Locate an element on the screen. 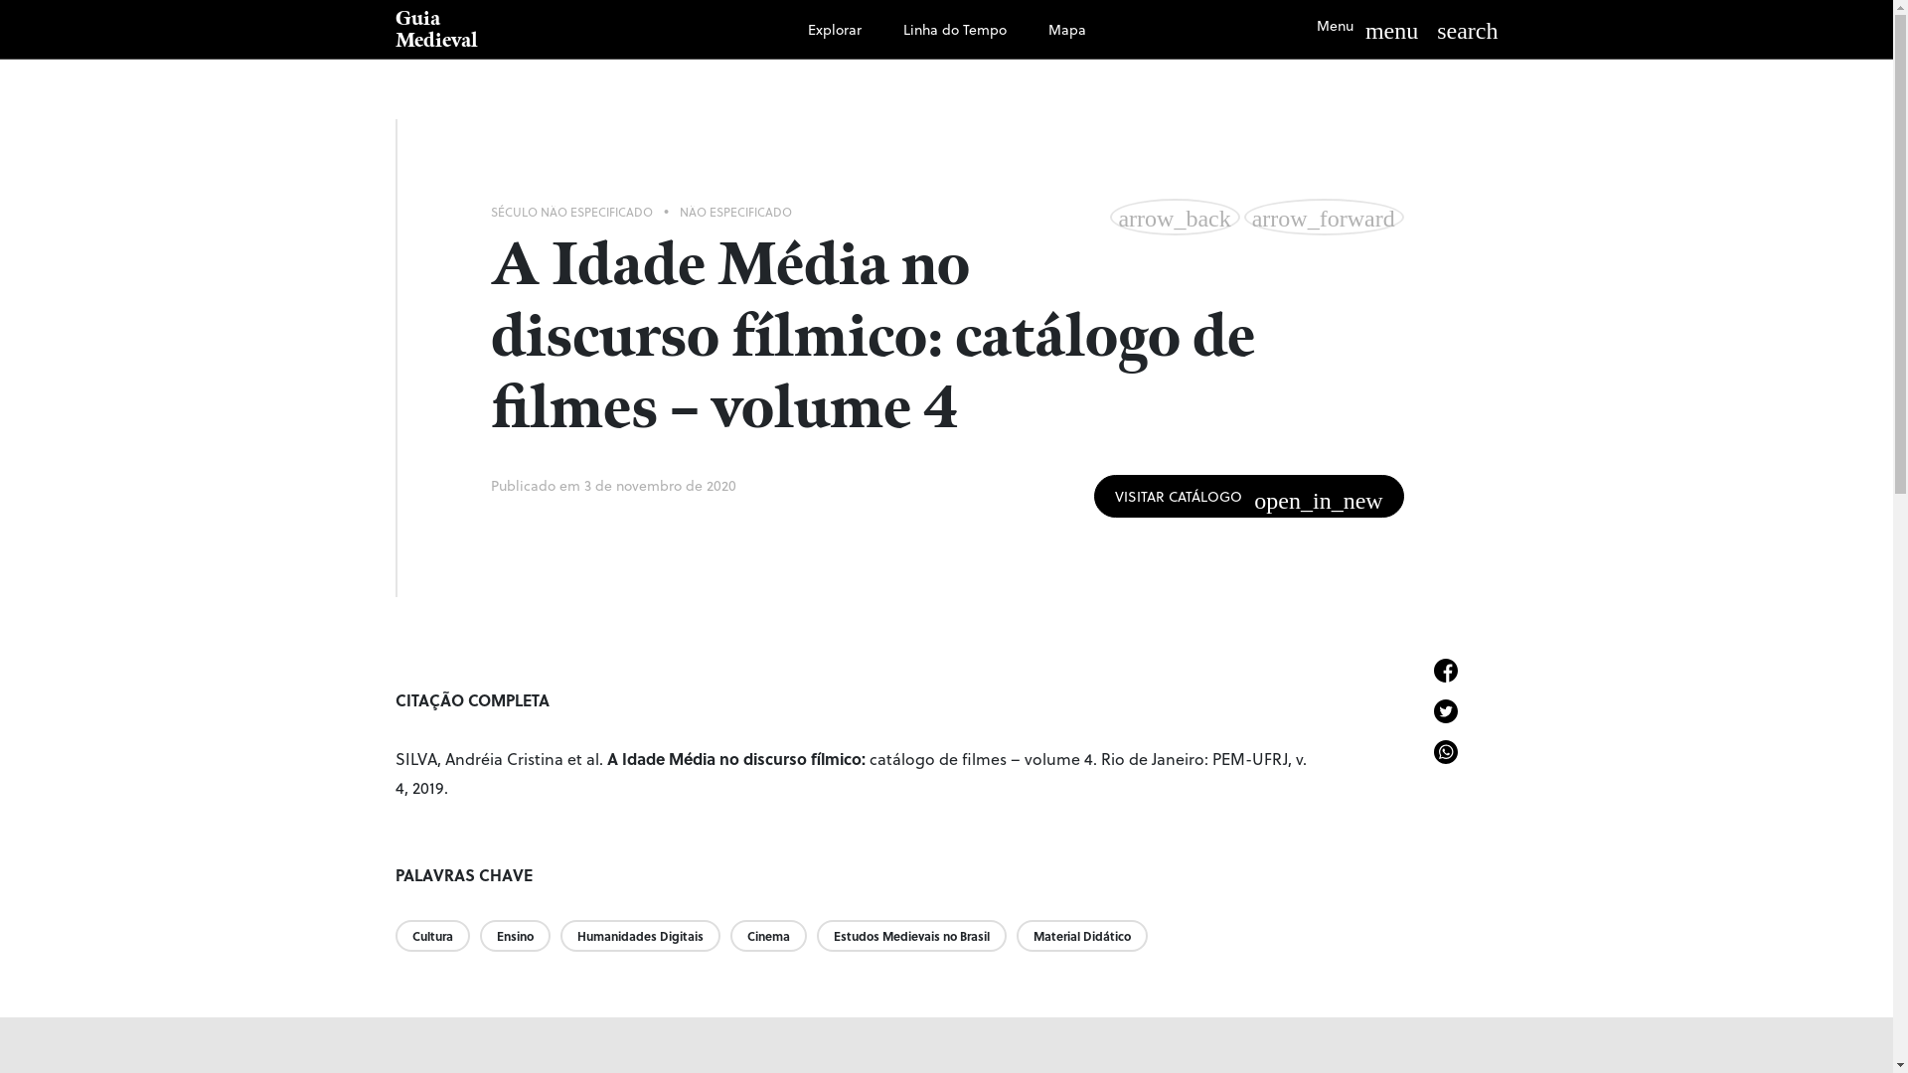  'Mapa' is located at coordinates (1066, 29).